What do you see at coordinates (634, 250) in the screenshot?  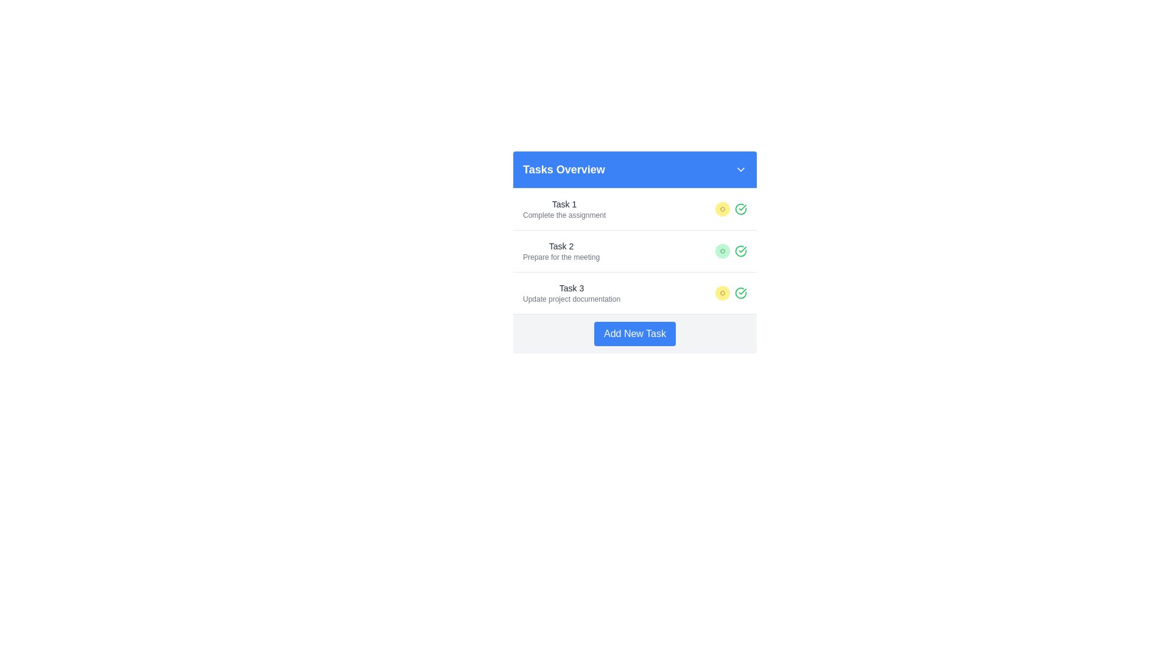 I see `the second task item in the task list` at bounding box center [634, 250].